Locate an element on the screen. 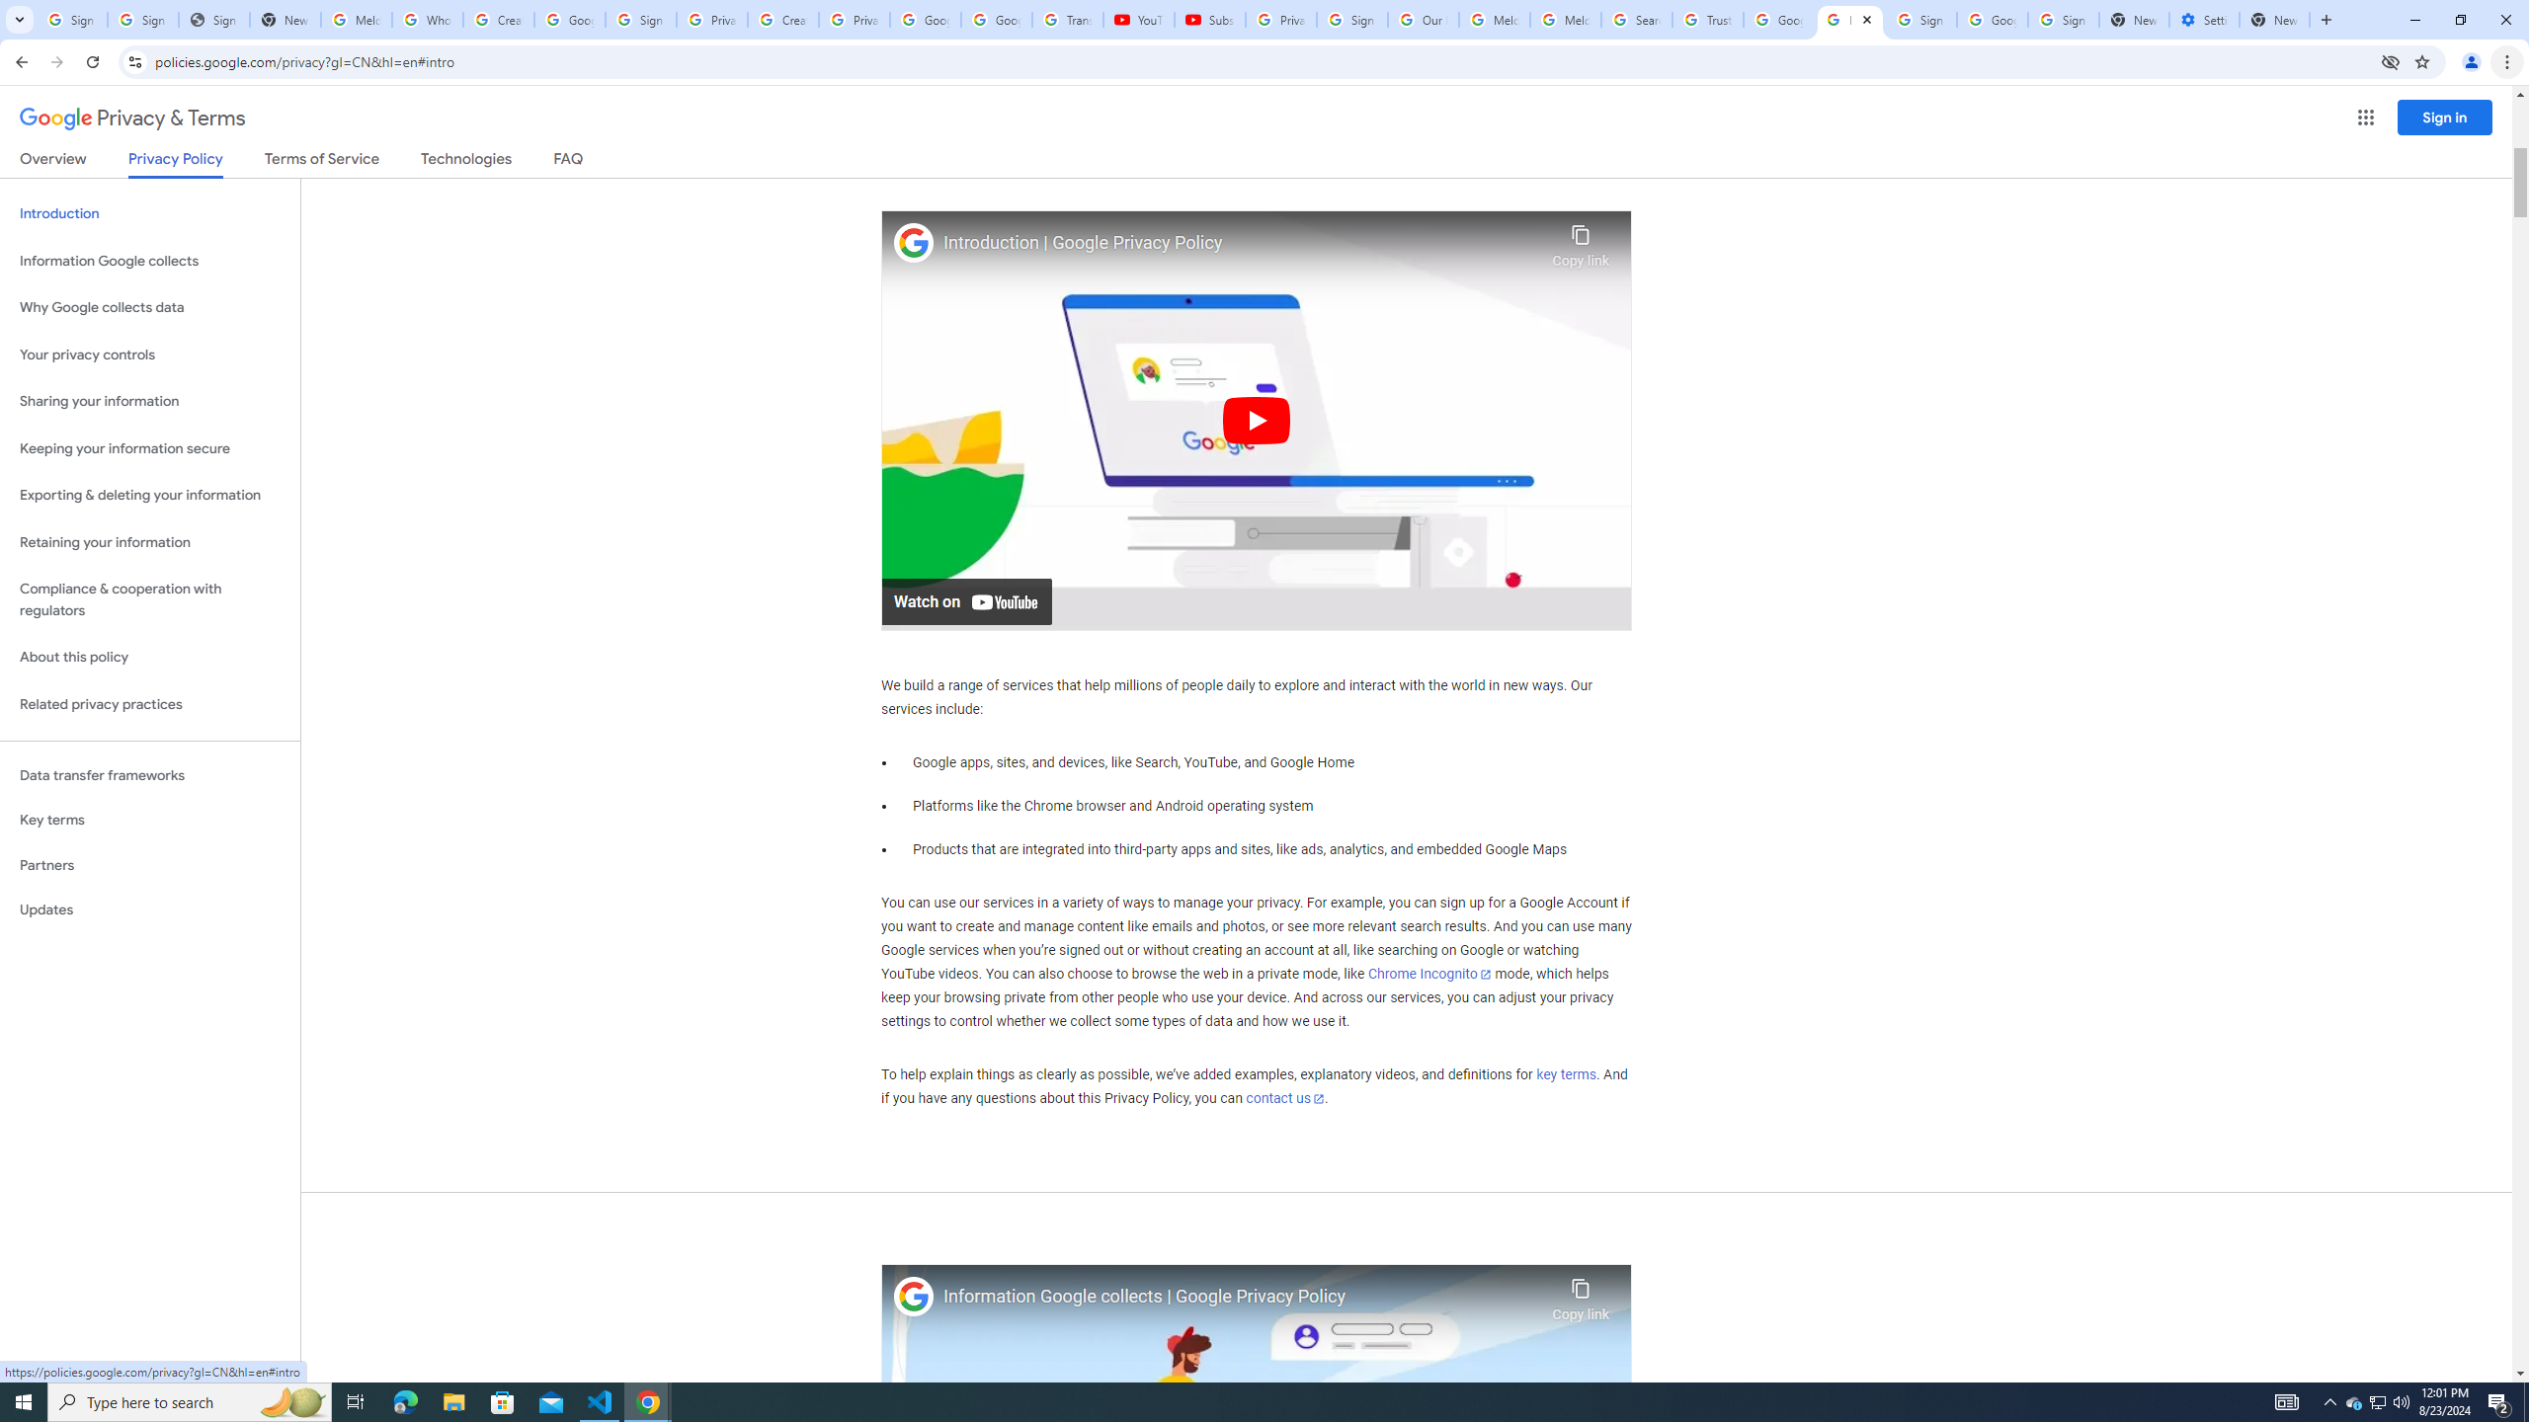  'About this policy' is located at coordinates (149, 658).